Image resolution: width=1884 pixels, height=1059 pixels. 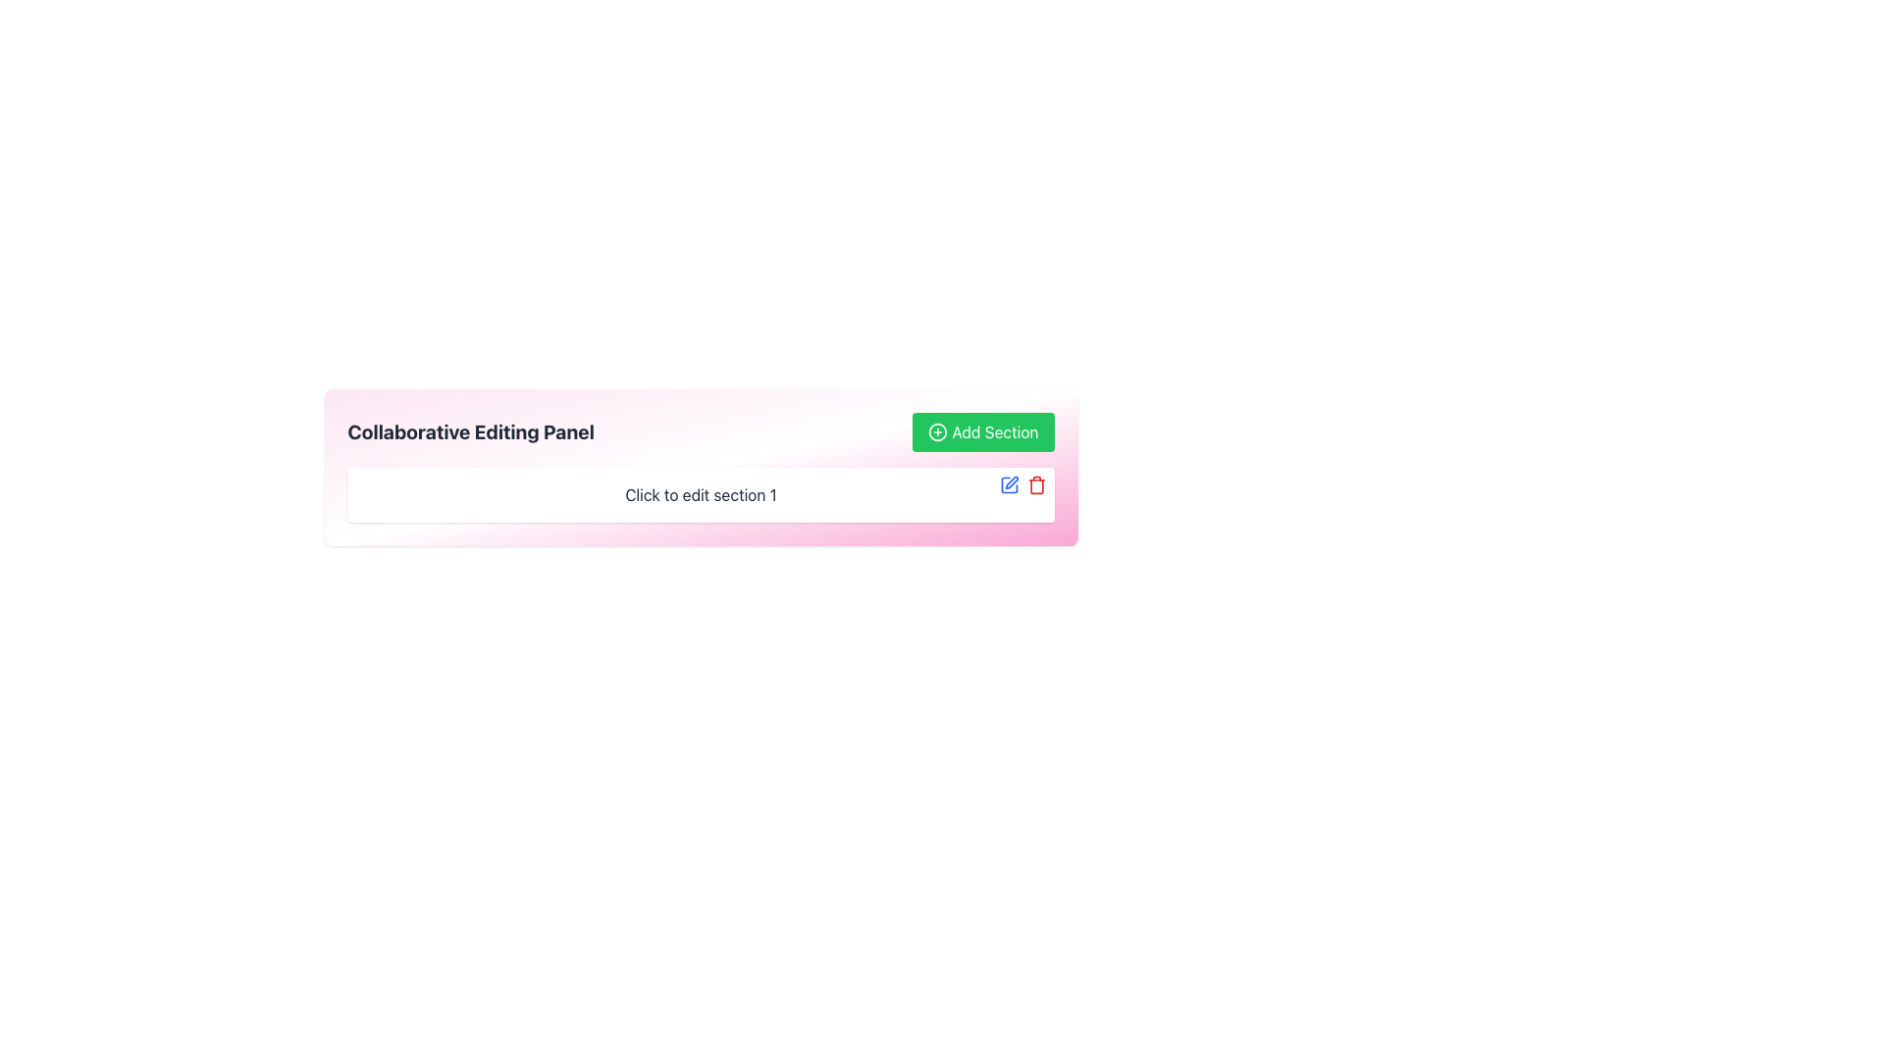 What do you see at coordinates (1011, 482) in the screenshot?
I see `the blue pen icon button located to the right of the input field labeled 'Click` at bounding box center [1011, 482].